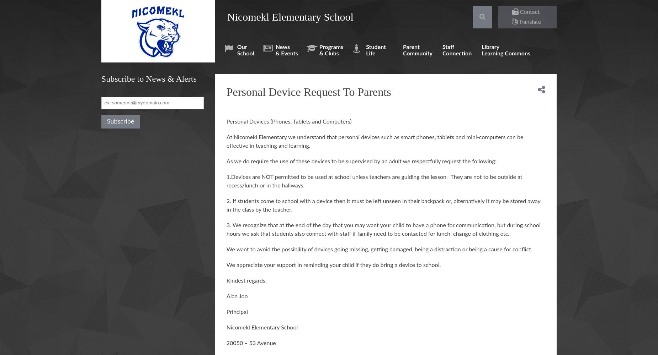 The image size is (658, 355). What do you see at coordinates (237, 296) in the screenshot?
I see `'Alan Joo'` at bounding box center [237, 296].